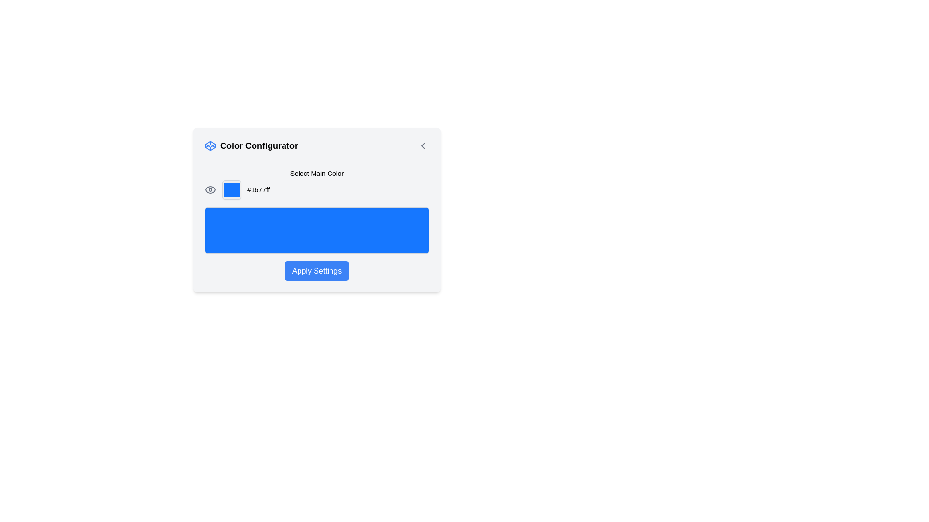 This screenshot has width=929, height=522. I want to click on the 'Select Main Color' text label, which is styled as a title and located above the color picker control and its value '#1677ff', so click(316, 173).